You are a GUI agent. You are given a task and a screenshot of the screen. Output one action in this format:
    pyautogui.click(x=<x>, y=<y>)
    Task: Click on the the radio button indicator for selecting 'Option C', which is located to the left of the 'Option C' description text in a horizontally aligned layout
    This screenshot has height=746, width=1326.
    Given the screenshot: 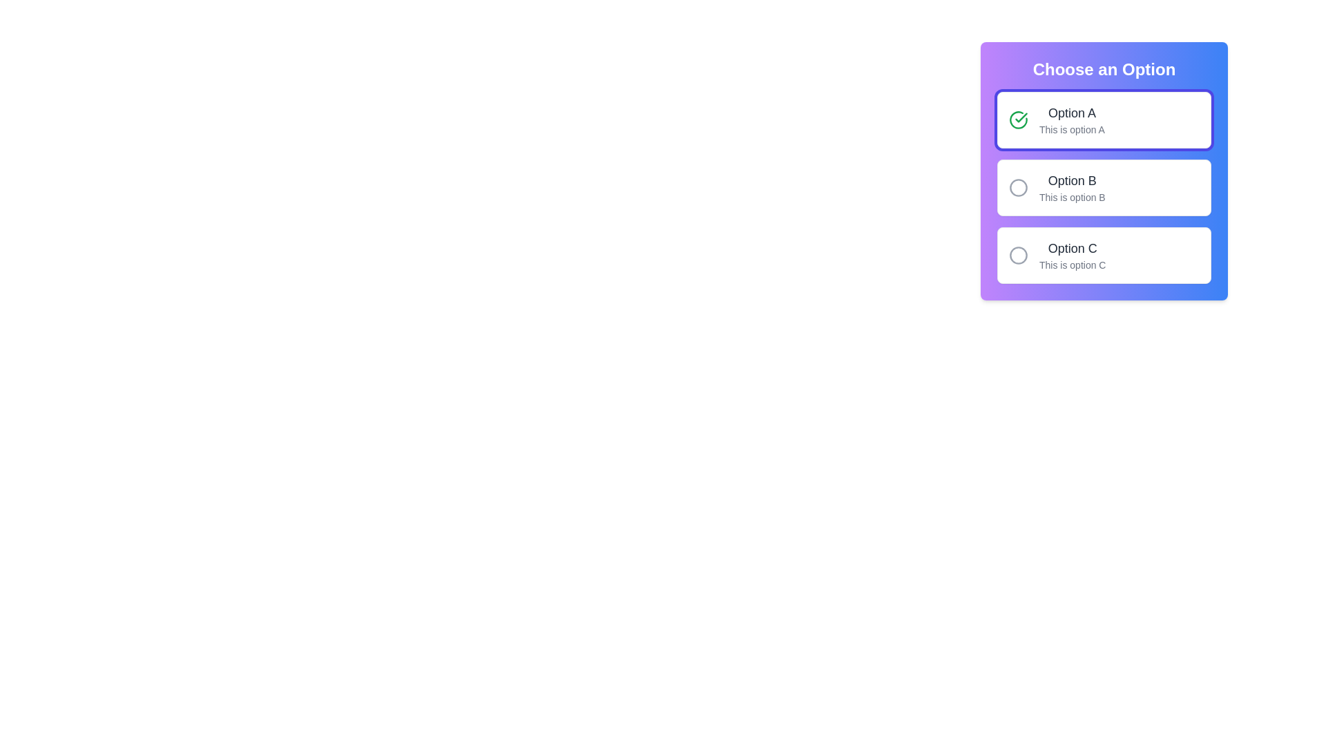 What is the action you would take?
    pyautogui.click(x=1018, y=256)
    